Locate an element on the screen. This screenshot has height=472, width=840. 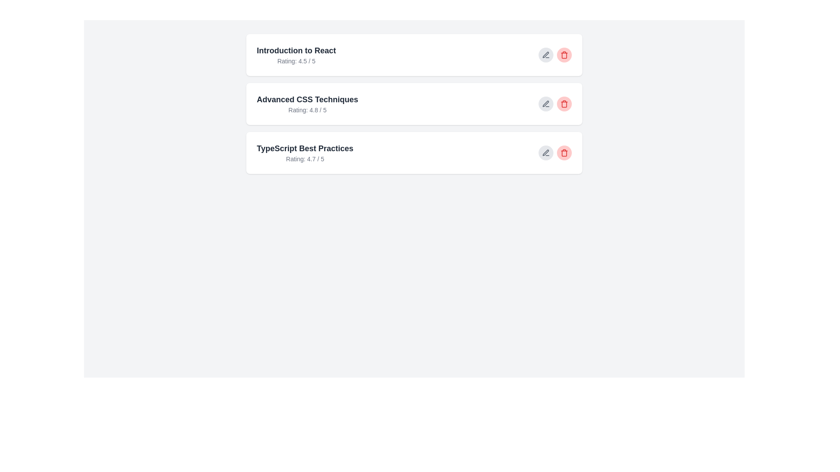
the delete button located at the far right of the course information row is located at coordinates (564, 153).